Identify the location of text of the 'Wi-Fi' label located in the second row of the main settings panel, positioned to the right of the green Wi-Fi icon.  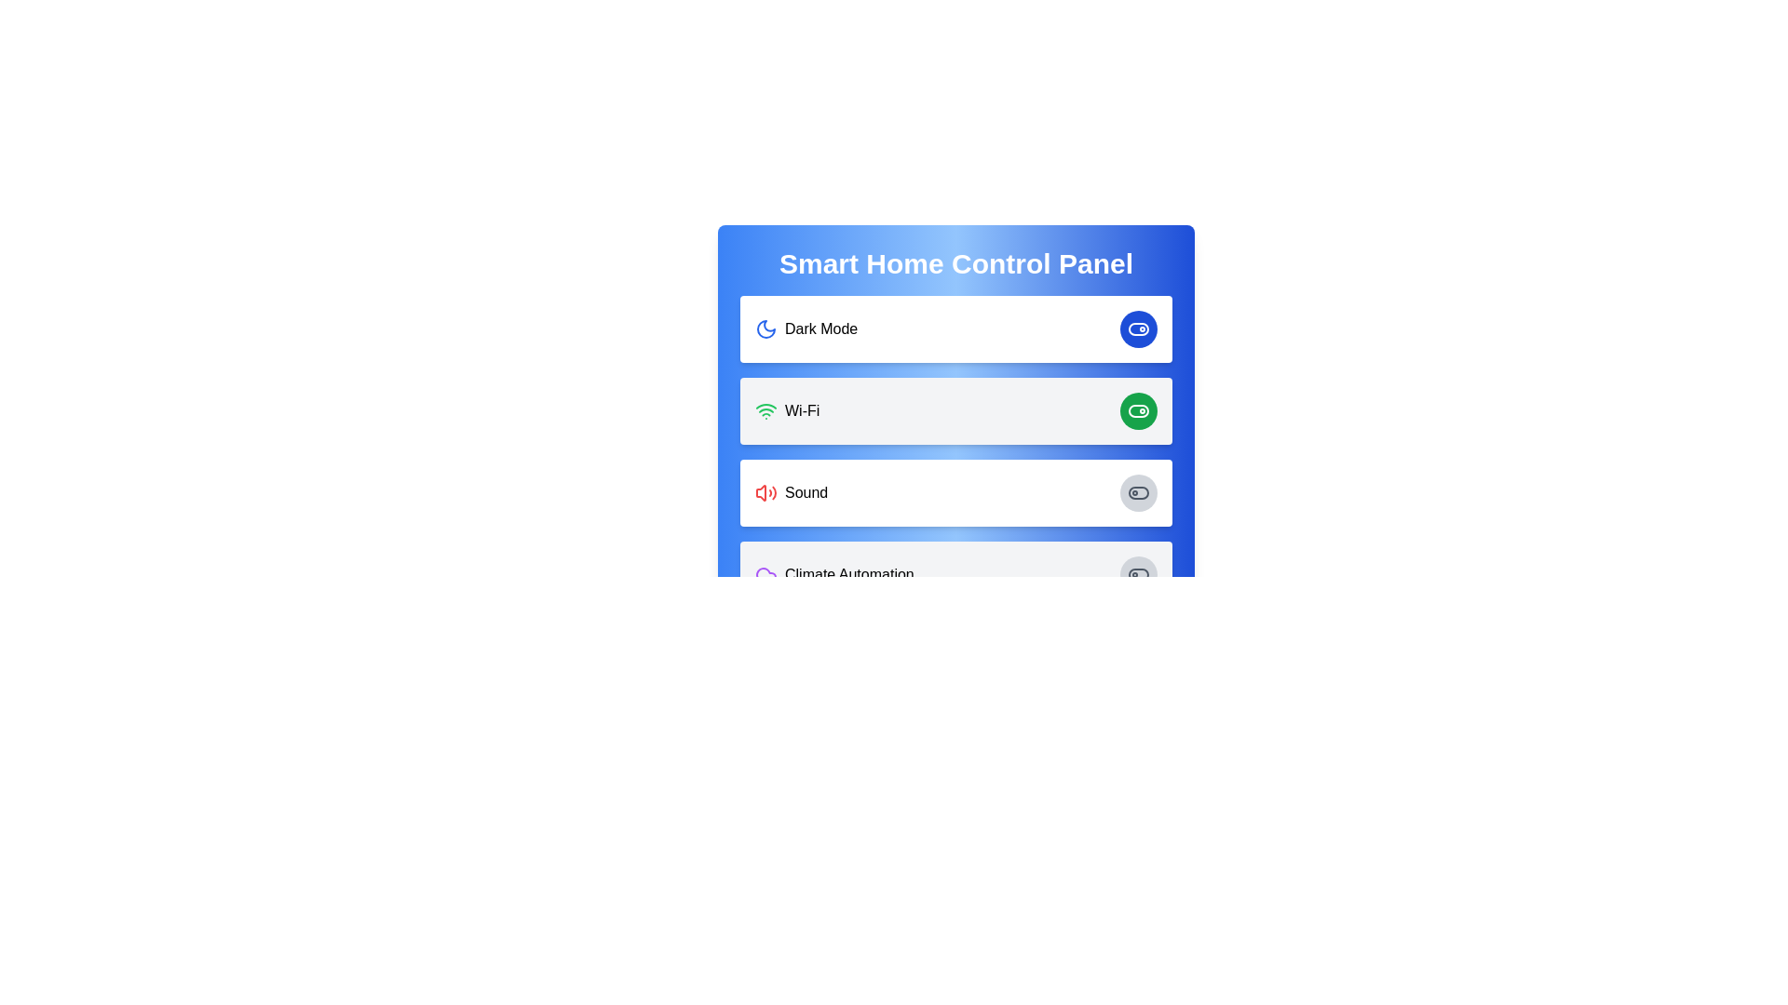
(802, 410).